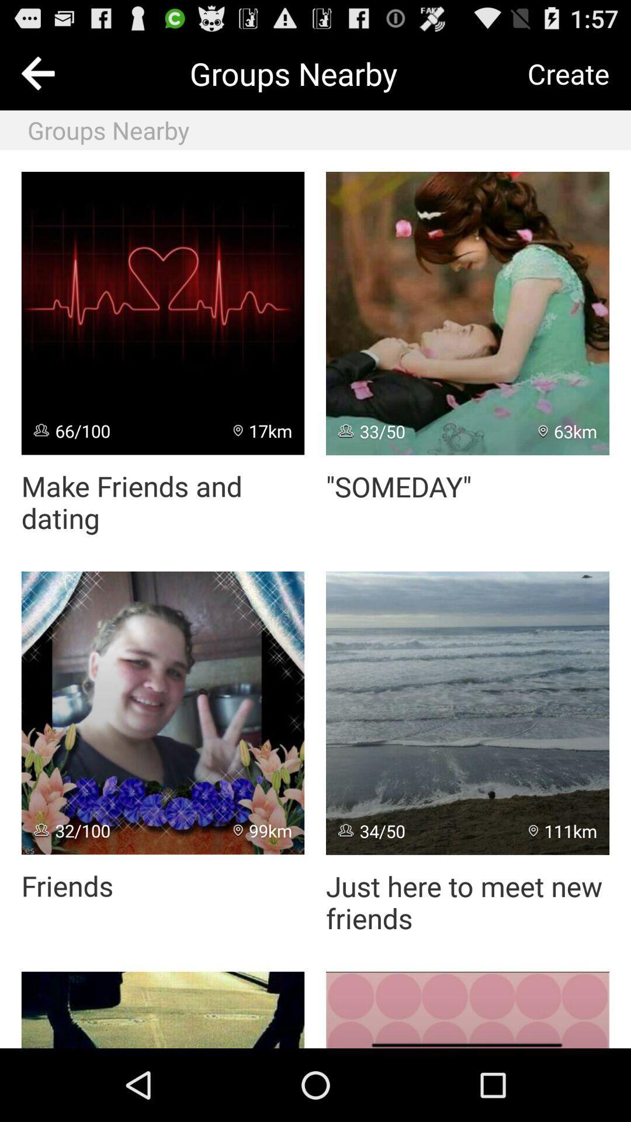  What do you see at coordinates (467, 712) in the screenshot?
I see `icon above just here to icon` at bounding box center [467, 712].